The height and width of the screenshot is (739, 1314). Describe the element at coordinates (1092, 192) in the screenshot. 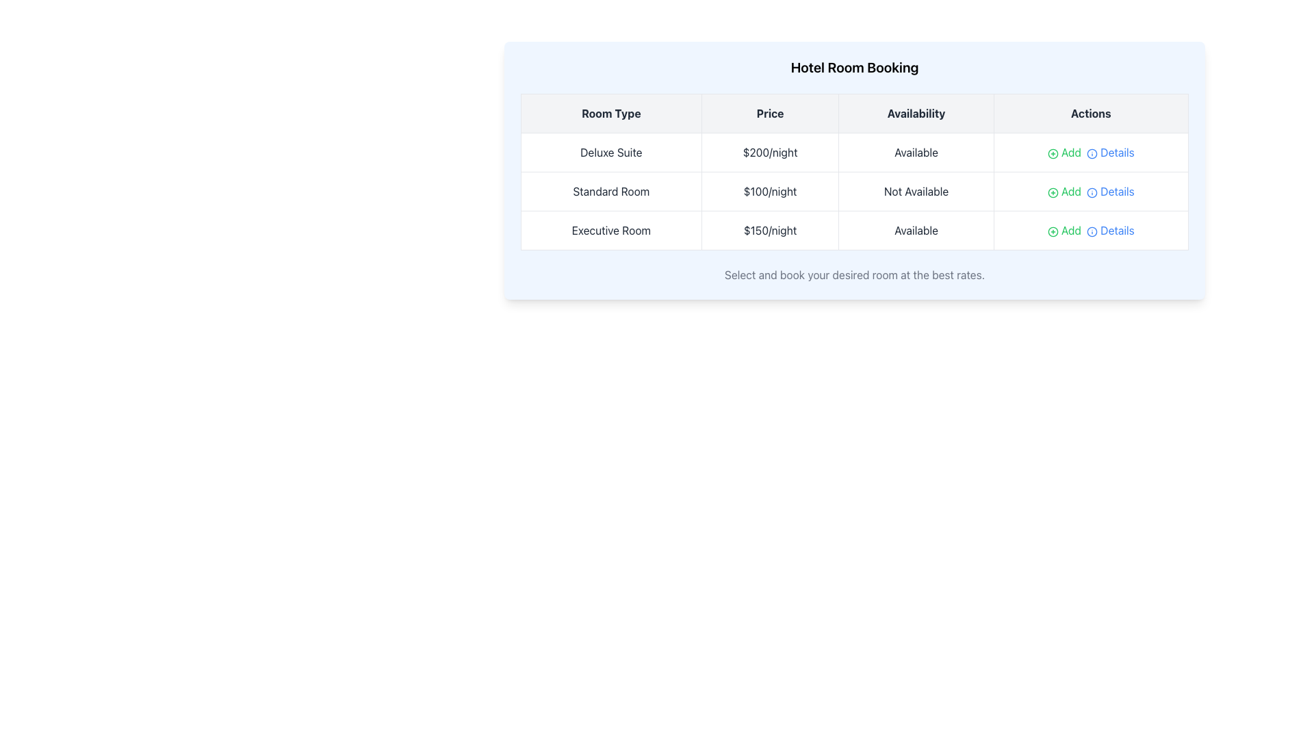

I see `the information icon located in the second row of the 'Actions' column, next to the 'Details' link` at that location.